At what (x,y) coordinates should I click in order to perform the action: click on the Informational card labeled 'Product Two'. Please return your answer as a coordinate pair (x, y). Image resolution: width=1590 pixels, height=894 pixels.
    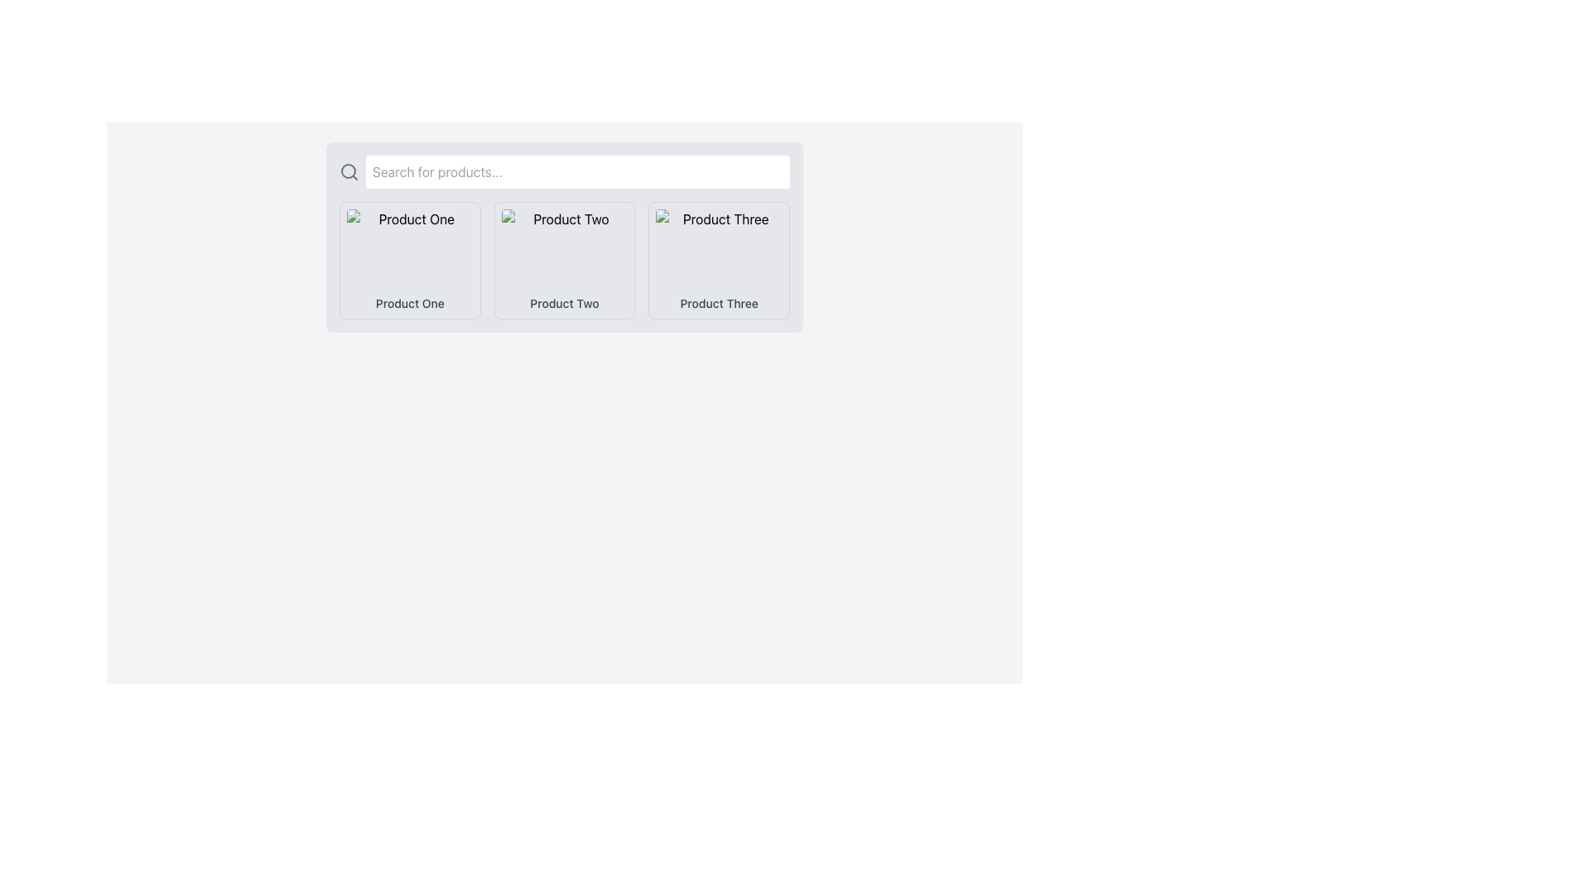
    Looking at the image, I should click on (564, 261).